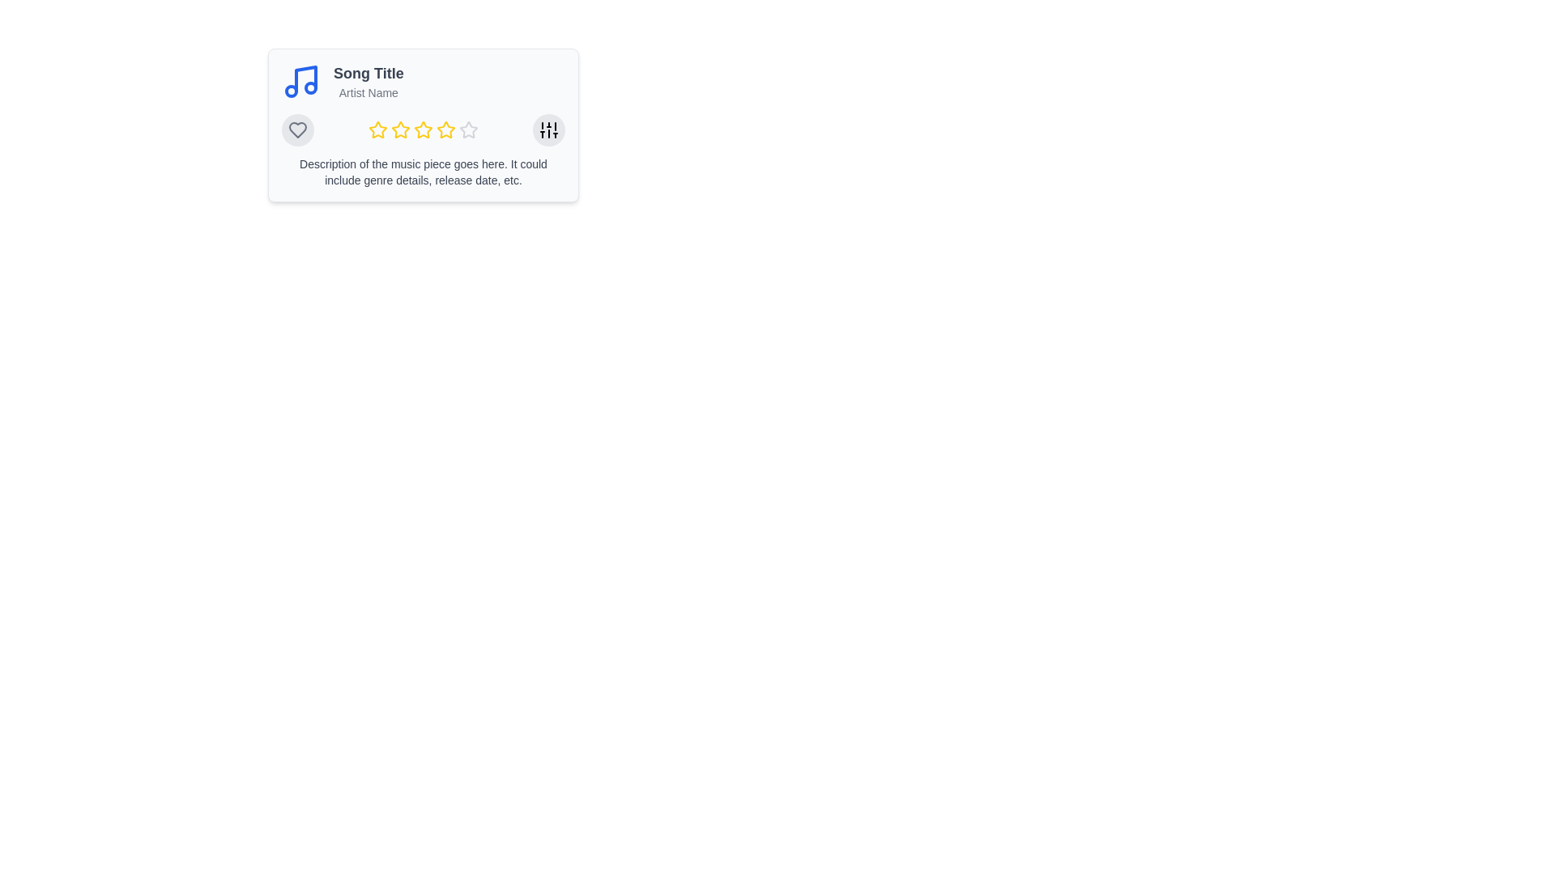 The width and height of the screenshot is (1555, 874). I want to click on the third yellow star in the rating component, so click(424, 129).